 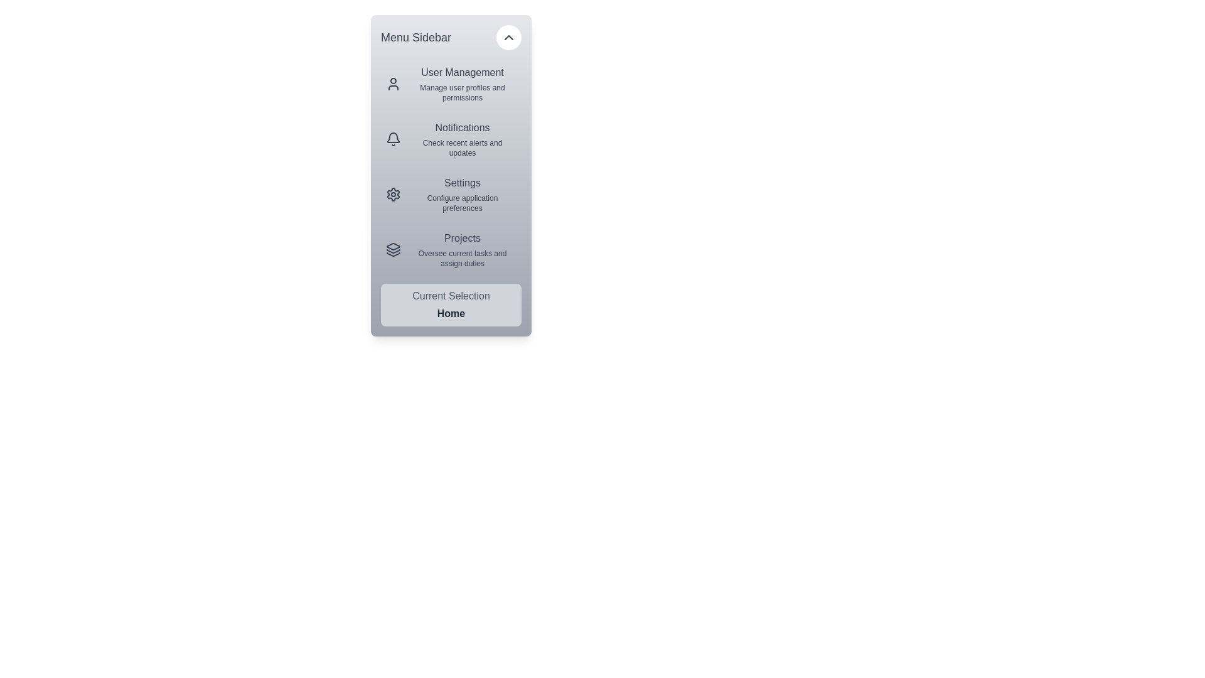 I want to click on the central cogwheel of the gear icon located in the Settings section of the sidebar menu, so click(x=393, y=194).